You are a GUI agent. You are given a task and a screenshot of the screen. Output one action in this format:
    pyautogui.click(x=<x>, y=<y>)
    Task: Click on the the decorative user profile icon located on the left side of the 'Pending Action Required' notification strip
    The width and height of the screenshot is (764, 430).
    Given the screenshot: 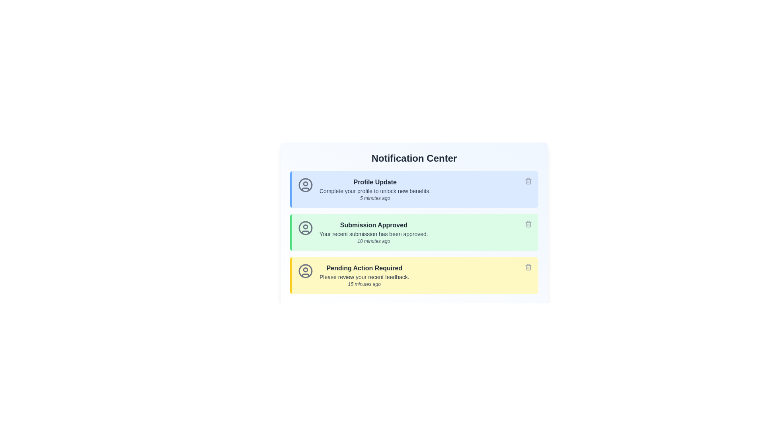 What is the action you would take?
    pyautogui.click(x=305, y=271)
    